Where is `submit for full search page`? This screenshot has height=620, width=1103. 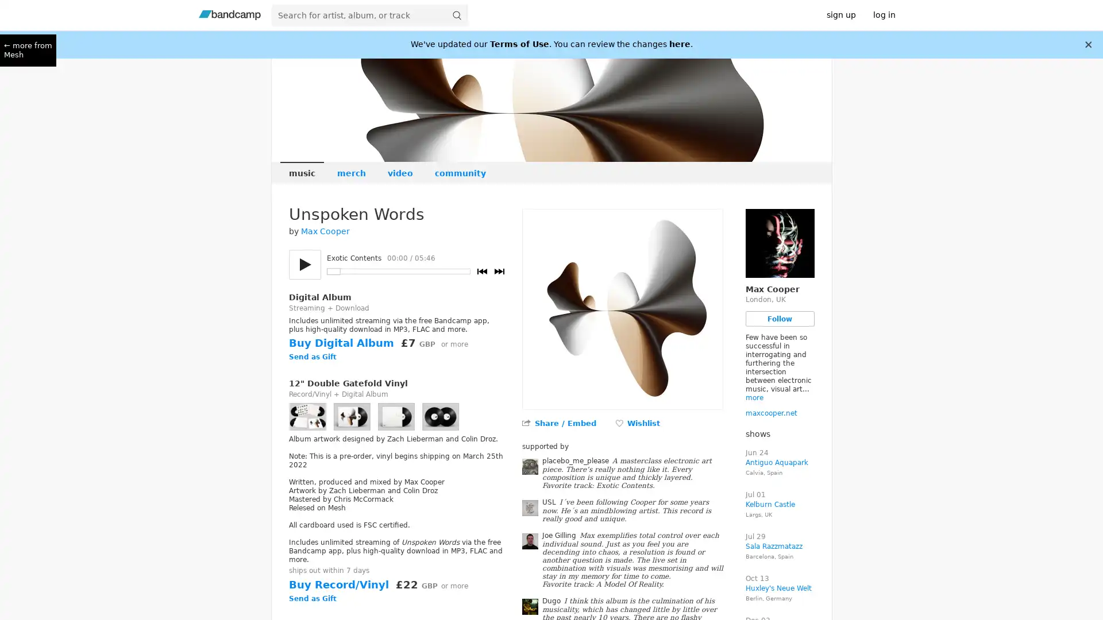
submit for full search page is located at coordinates (456, 15).